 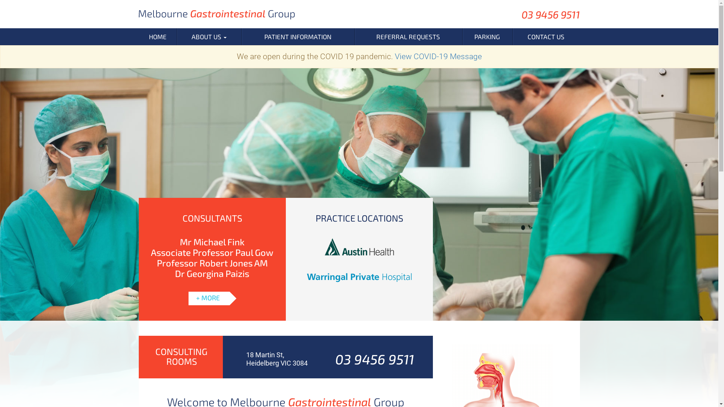 What do you see at coordinates (209, 37) in the screenshot?
I see `'ABOUT US'` at bounding box center [209, 37].